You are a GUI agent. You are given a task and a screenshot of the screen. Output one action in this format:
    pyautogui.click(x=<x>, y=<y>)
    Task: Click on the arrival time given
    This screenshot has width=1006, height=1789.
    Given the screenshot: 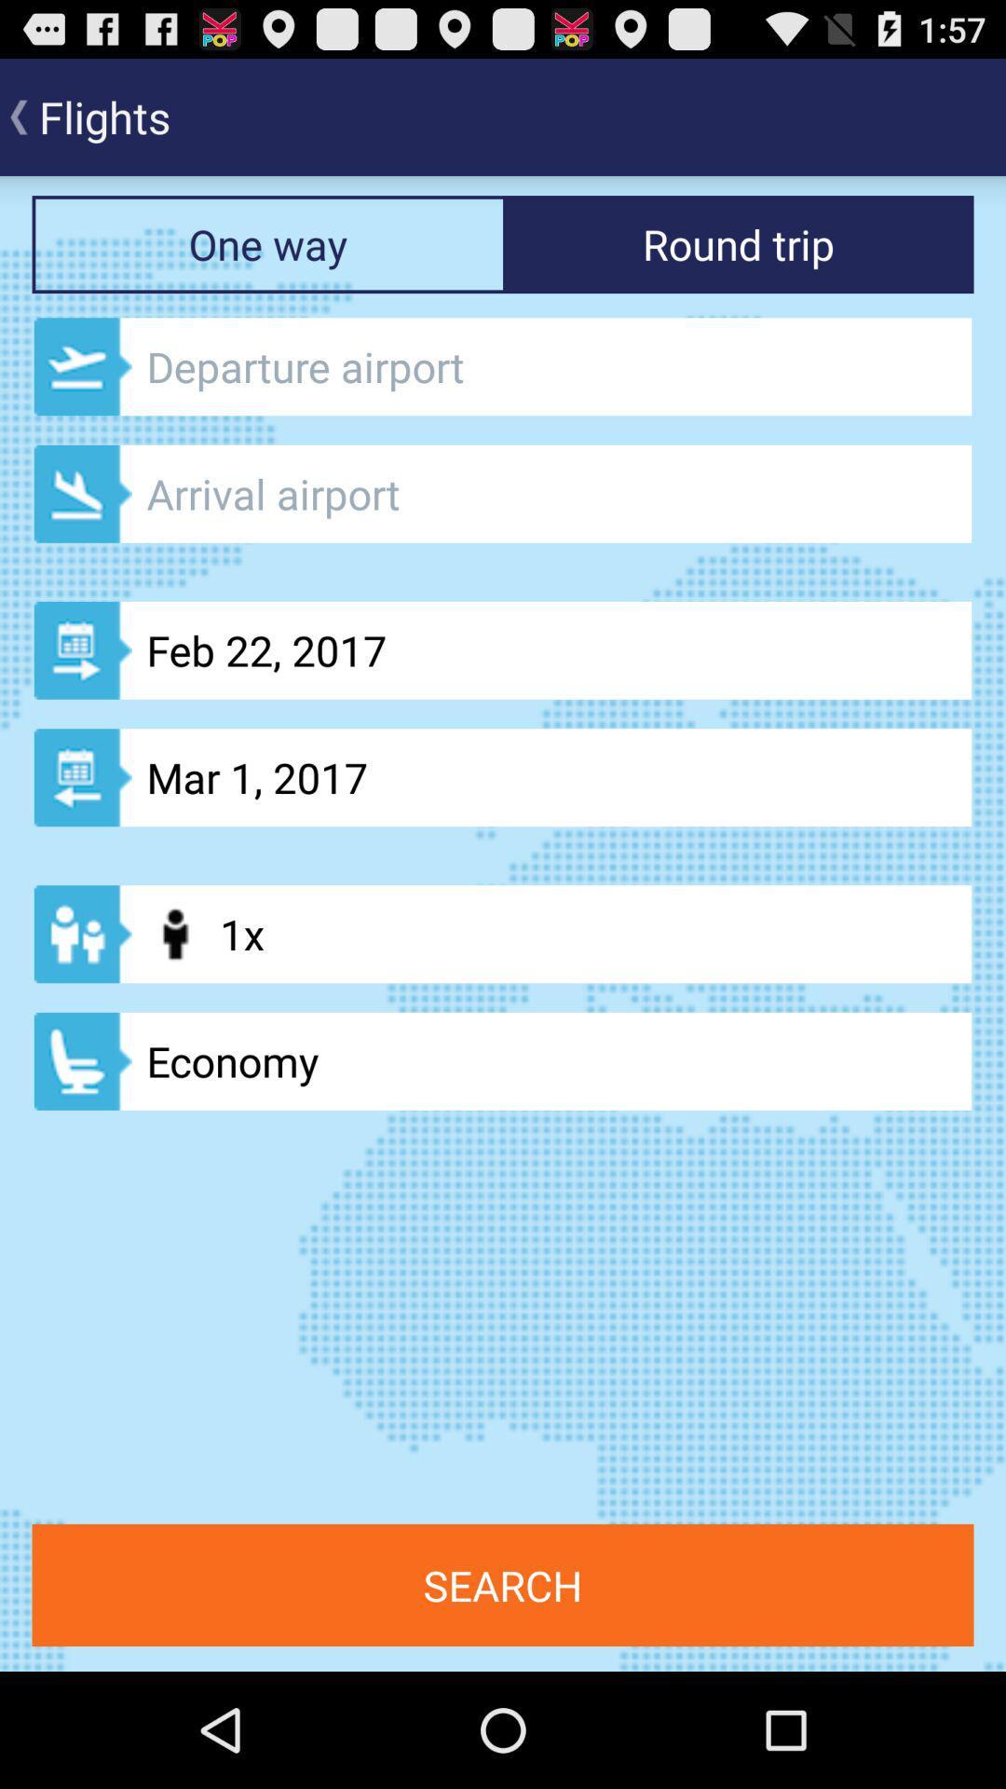 What is the action you would take?
    pyautogui.click(x=503, y=494)
    